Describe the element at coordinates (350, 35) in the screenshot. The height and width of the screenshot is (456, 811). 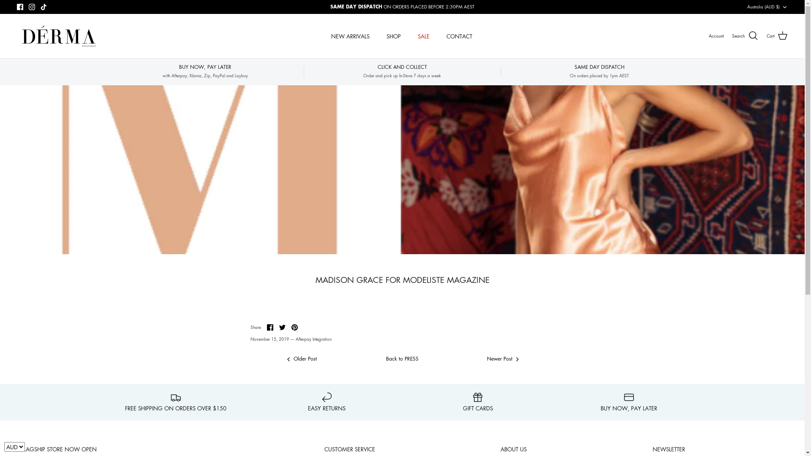
I see `'NEW ARRIVALS'` at that location.